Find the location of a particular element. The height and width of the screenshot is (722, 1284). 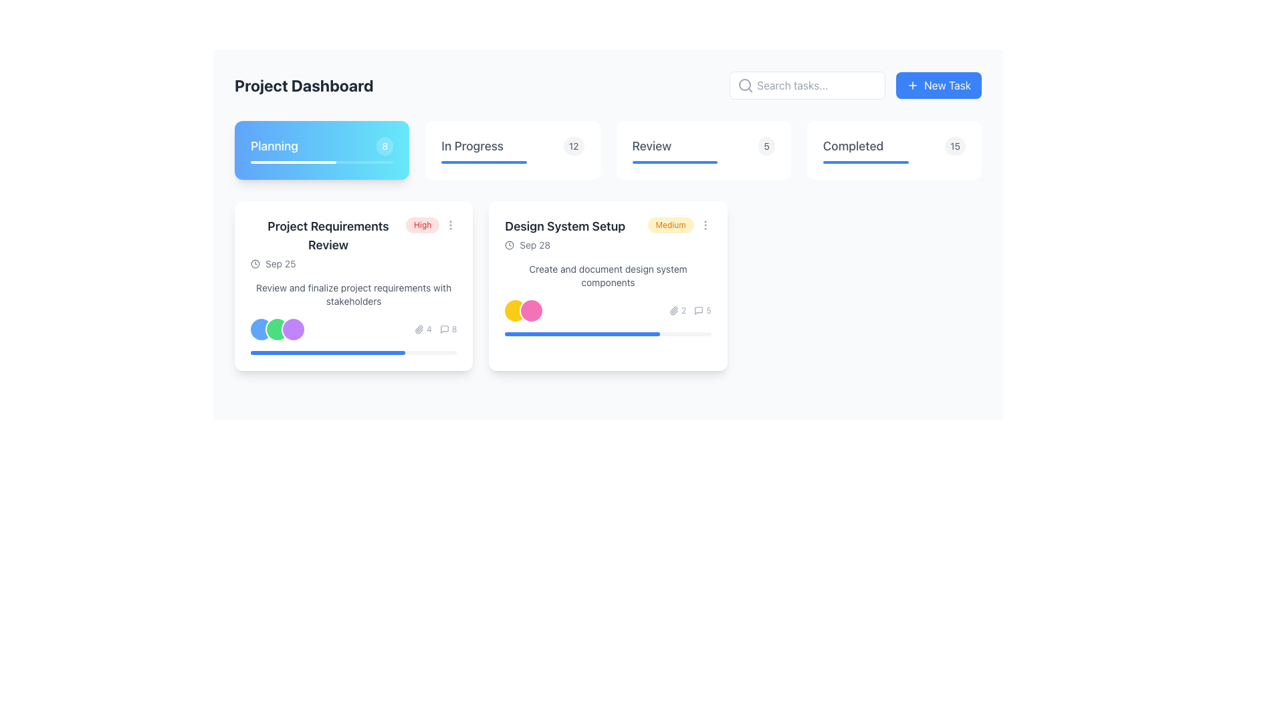

the user avatar representing 'Anna', which is the third avatar in a sequence of three adjacent avatars located in the bottom-left portion of the 'Project Requirements Review' card is located at coordinates (292, 330).